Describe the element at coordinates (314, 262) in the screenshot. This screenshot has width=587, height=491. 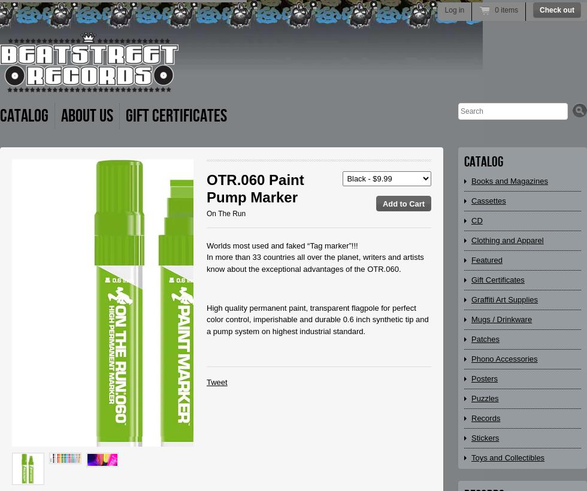
I see `'In more than 33 countries all over the planet, writers and artists know about the exceptional advantages of the OTR.060.'` at that location.